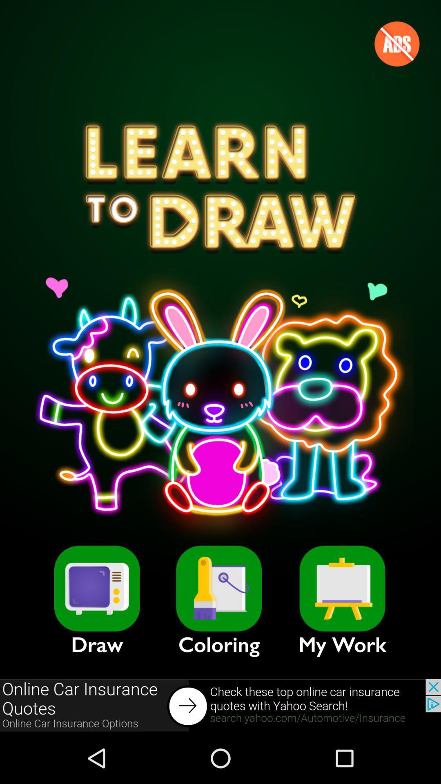 The width and height of the screenshot is (441, 784). Describe the element at coordinates (218, 588) in the screenshot. I see `the icon to the left of my work icon` at that location.